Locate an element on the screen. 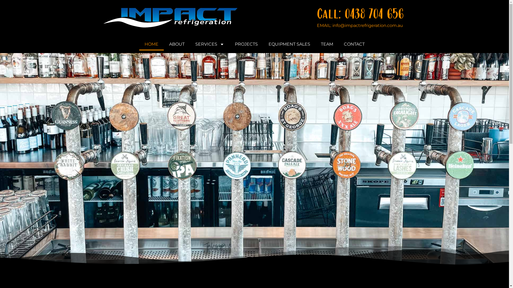  'info@impactrefrigeration.com.au' is located at coordinates (367, 25).